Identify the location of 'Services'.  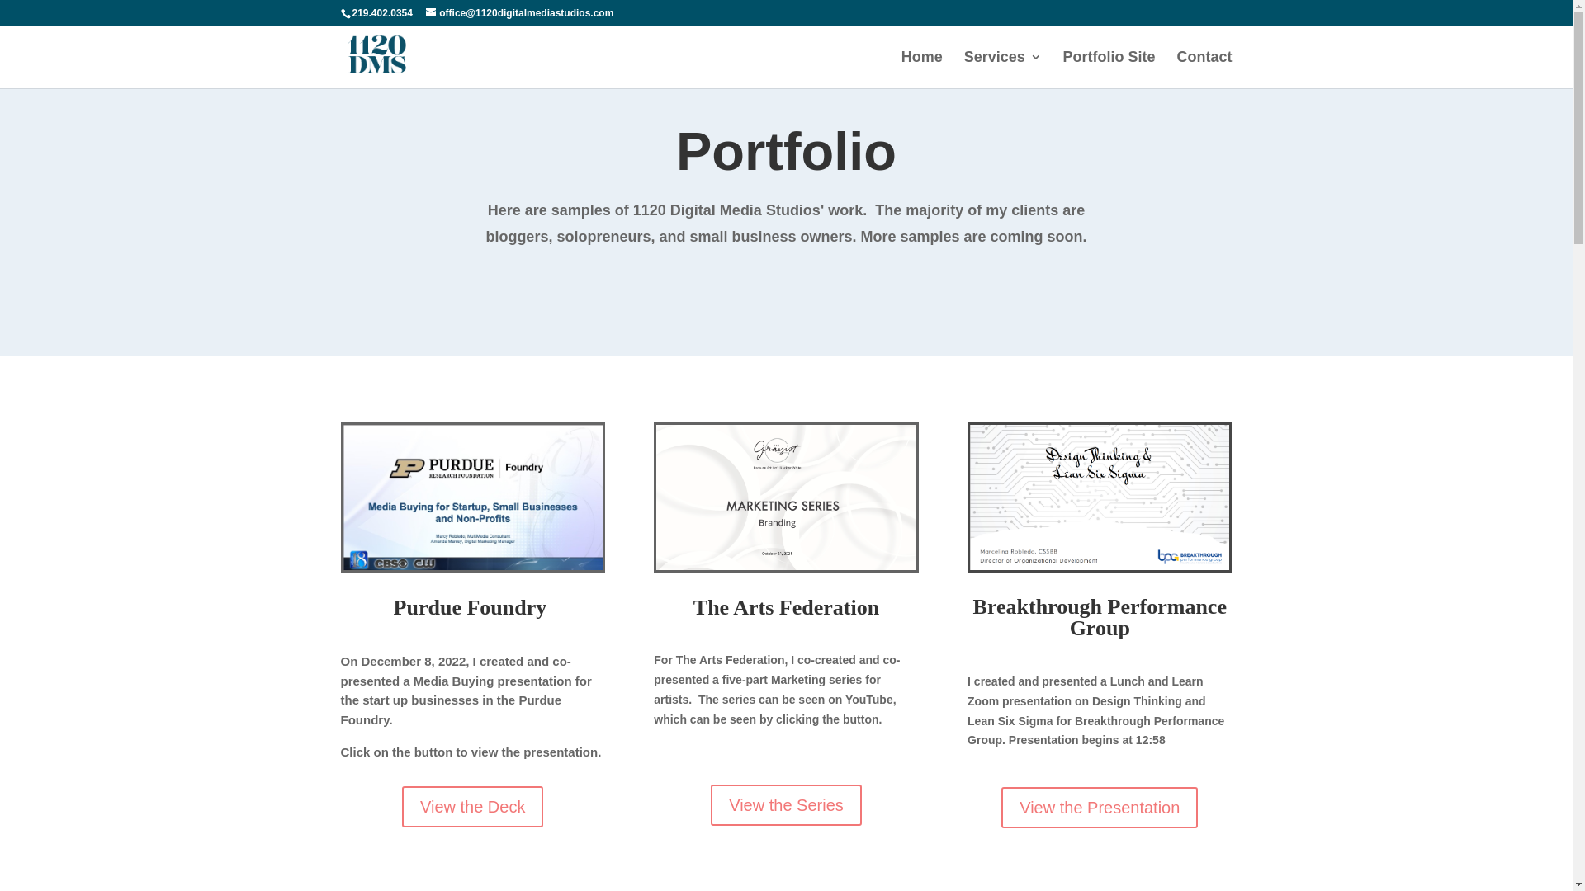
(1001, 68).